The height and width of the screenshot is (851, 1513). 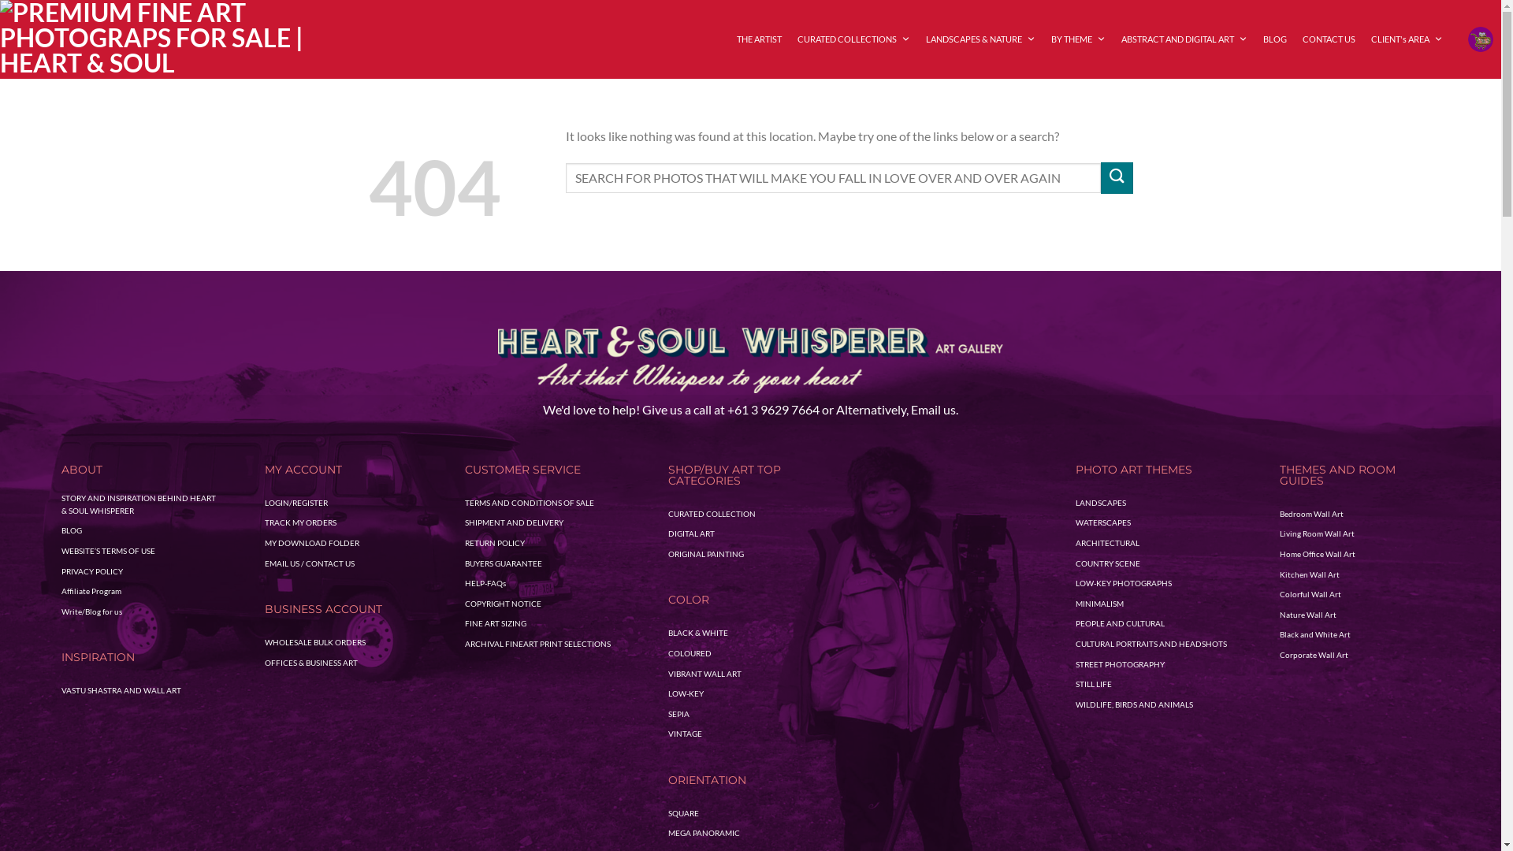 I want to click on 'LANDSCAPES', so click(x=1099, y=502).